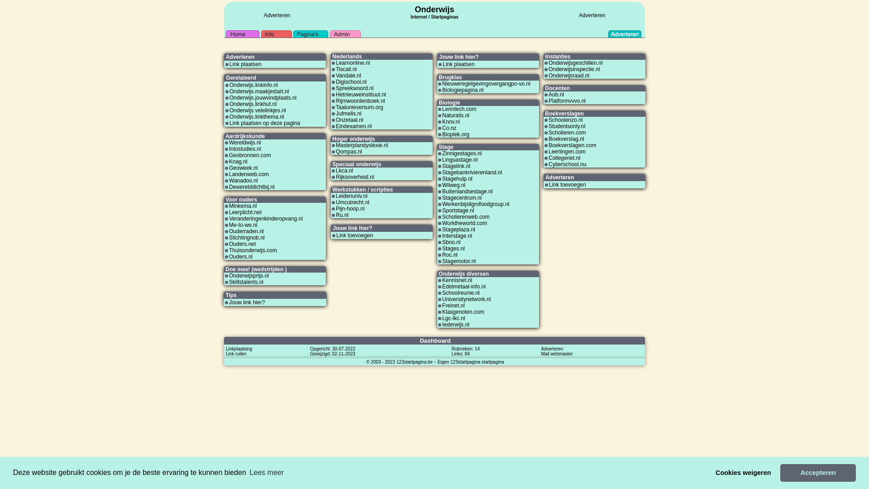 Image resolution: width=869 pixels, height=489 pixels. What do you see at coordinates (548, 75) in the screenshot?
I see `'Onderwijsraad.nl'` at bounding box center [548, 75].